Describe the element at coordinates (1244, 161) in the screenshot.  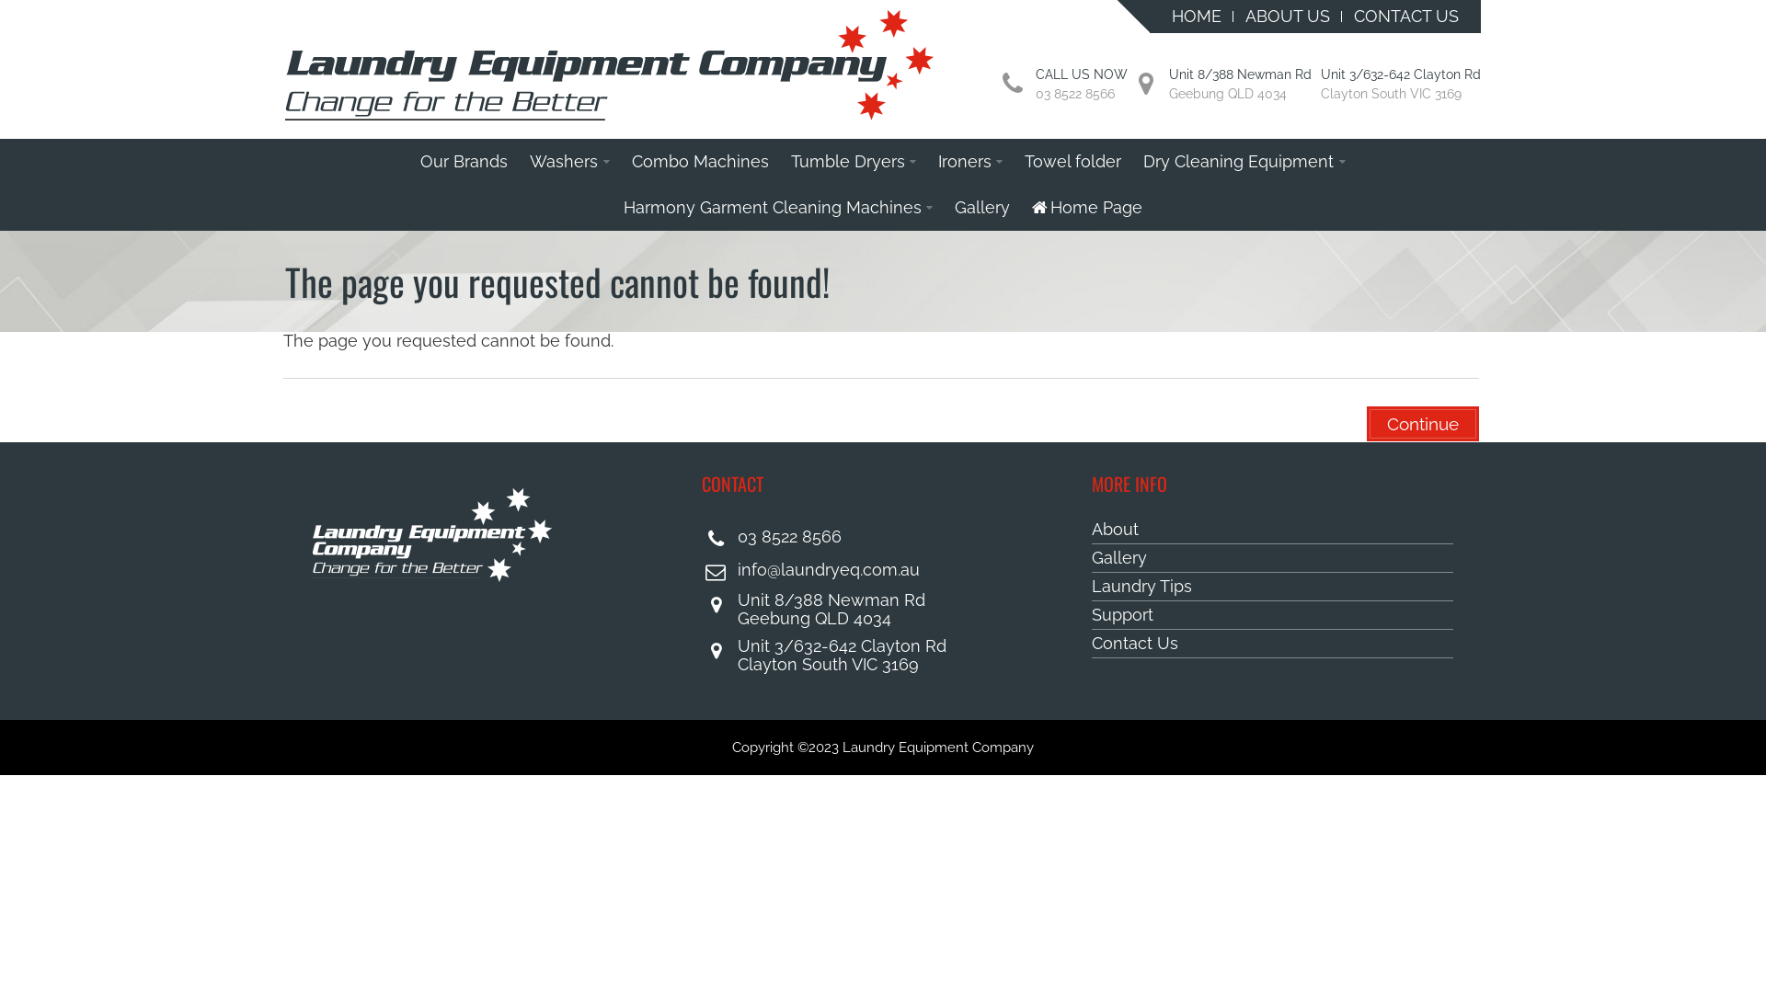
I see `'Dry Cleaning Equipment'` at that location.